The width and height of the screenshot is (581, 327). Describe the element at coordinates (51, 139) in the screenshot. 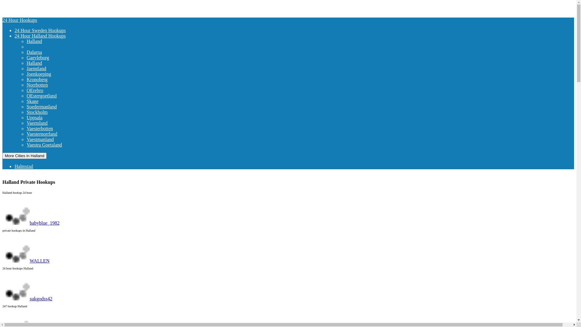

I see `'Vaestmanland'` at that location.